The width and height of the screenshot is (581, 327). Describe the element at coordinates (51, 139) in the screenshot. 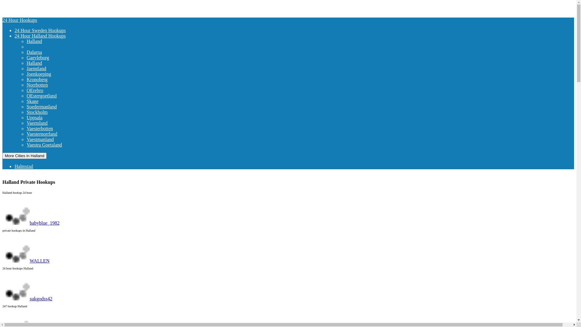

I see `'Vaestmanland'` at that location.